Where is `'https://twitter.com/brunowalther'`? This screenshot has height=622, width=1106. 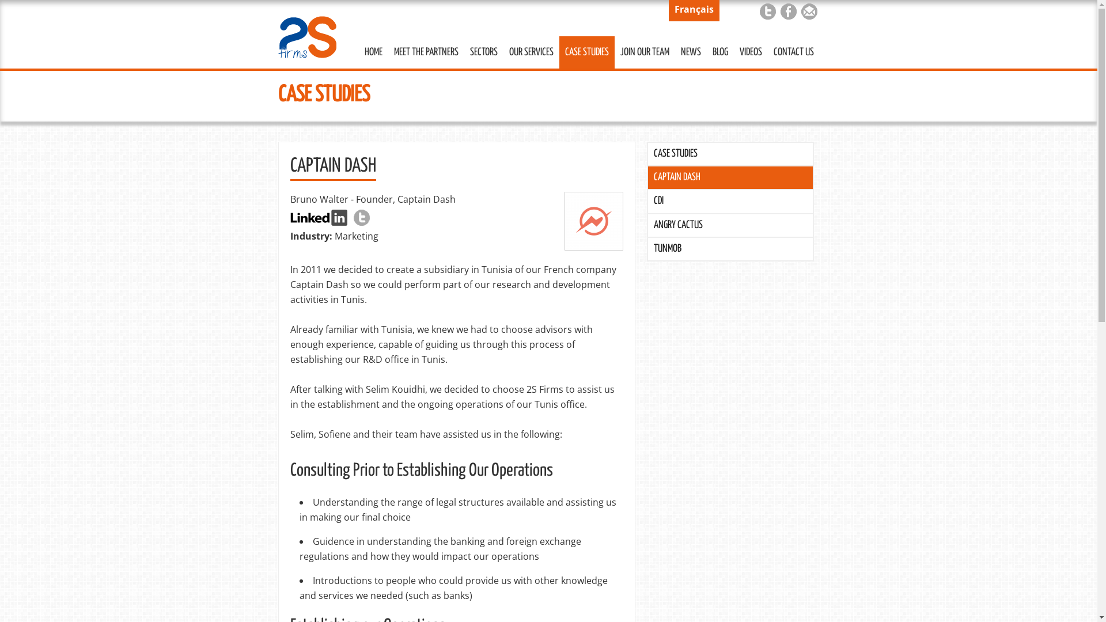
'https://twitter.com/brunowalther' is located at coordinates (361, 218).